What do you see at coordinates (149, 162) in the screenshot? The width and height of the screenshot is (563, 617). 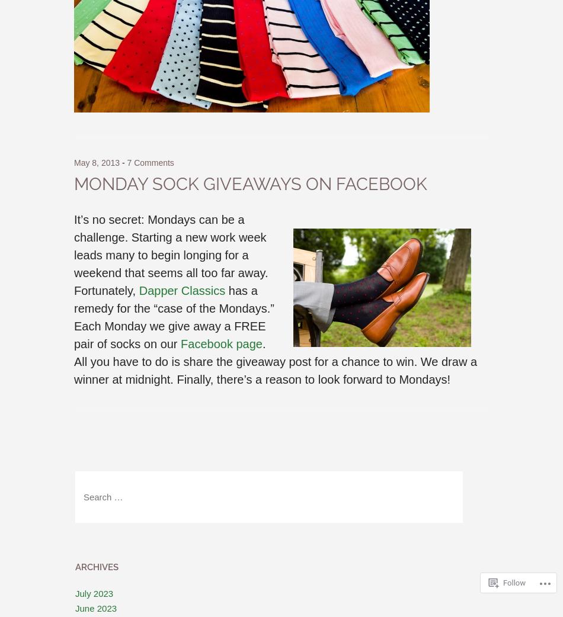 I see `'7 Comments'` at bounding box center [149, 162].